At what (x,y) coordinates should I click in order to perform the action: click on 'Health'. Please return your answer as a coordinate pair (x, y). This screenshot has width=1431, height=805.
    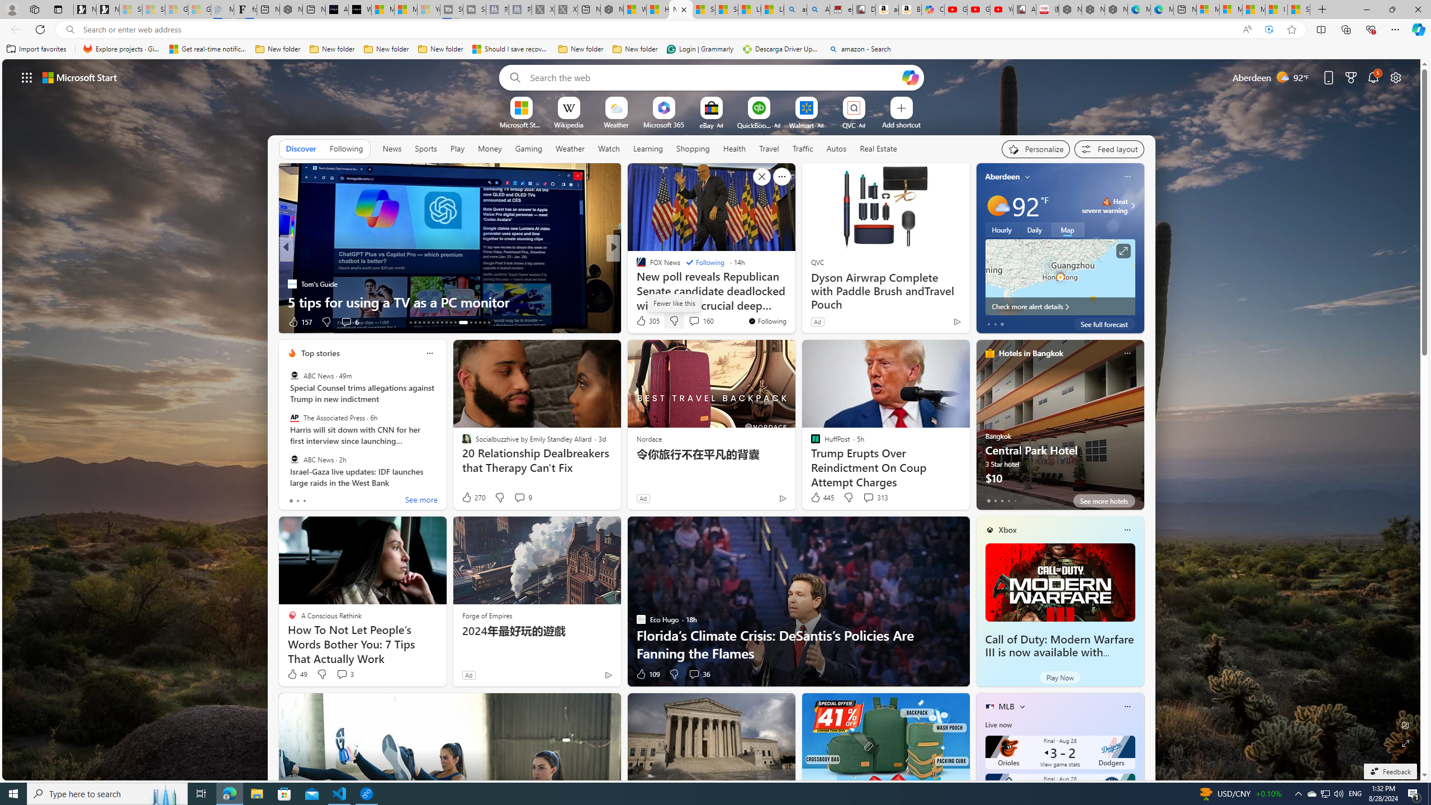
    Looking at the image, I should click on (733, 148).